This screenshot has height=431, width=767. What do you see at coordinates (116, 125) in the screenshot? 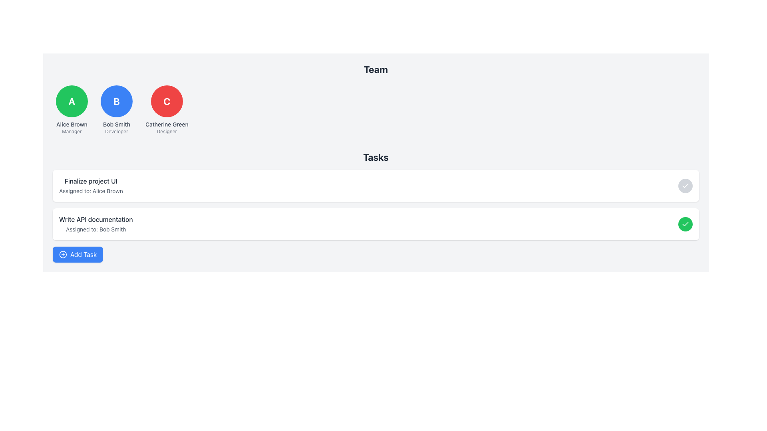
I see `text label that represents the name of an individual, located below the circular avatar marked with 'B' and above the text label 'Developer'` at bounding box center [116, 125].